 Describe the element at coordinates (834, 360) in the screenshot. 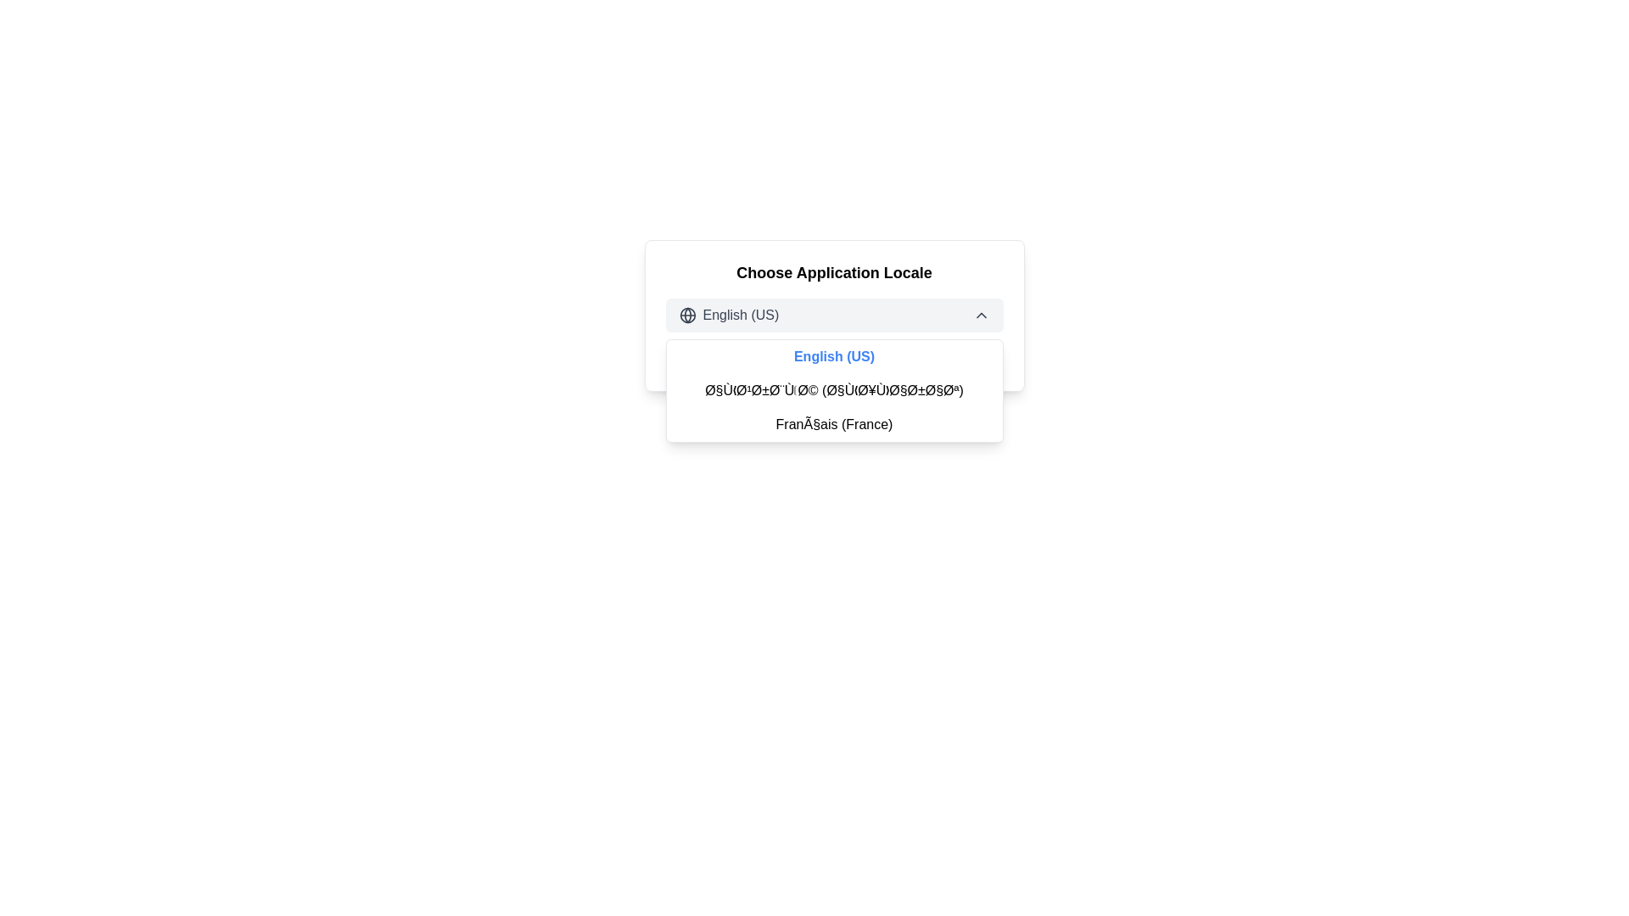

I see `the informational text that provides feedback about the currently selected locale, located at the bottom of the locale selection card` at that location.